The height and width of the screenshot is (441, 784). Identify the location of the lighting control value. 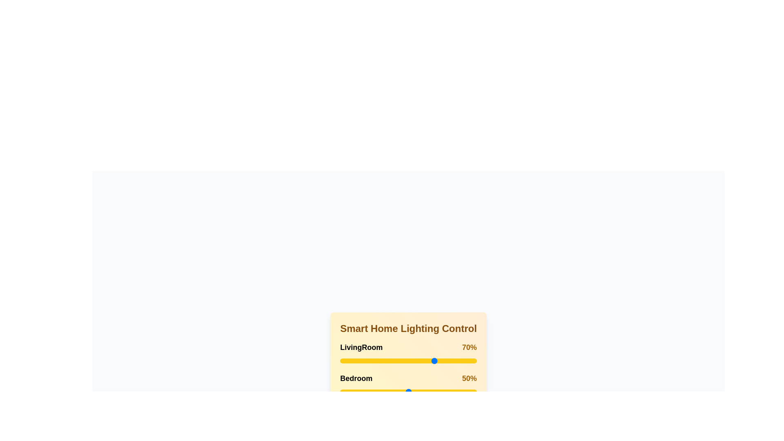
(475, 360).